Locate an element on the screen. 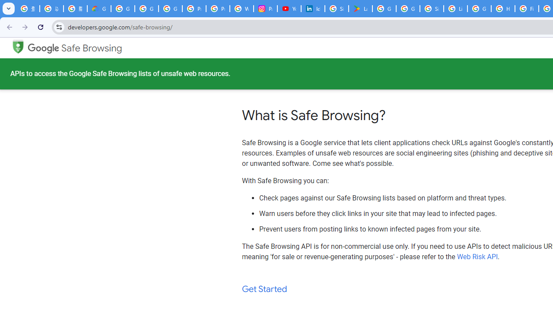  'Sign in - Google Accounts' is located at coordinates (432, 9).